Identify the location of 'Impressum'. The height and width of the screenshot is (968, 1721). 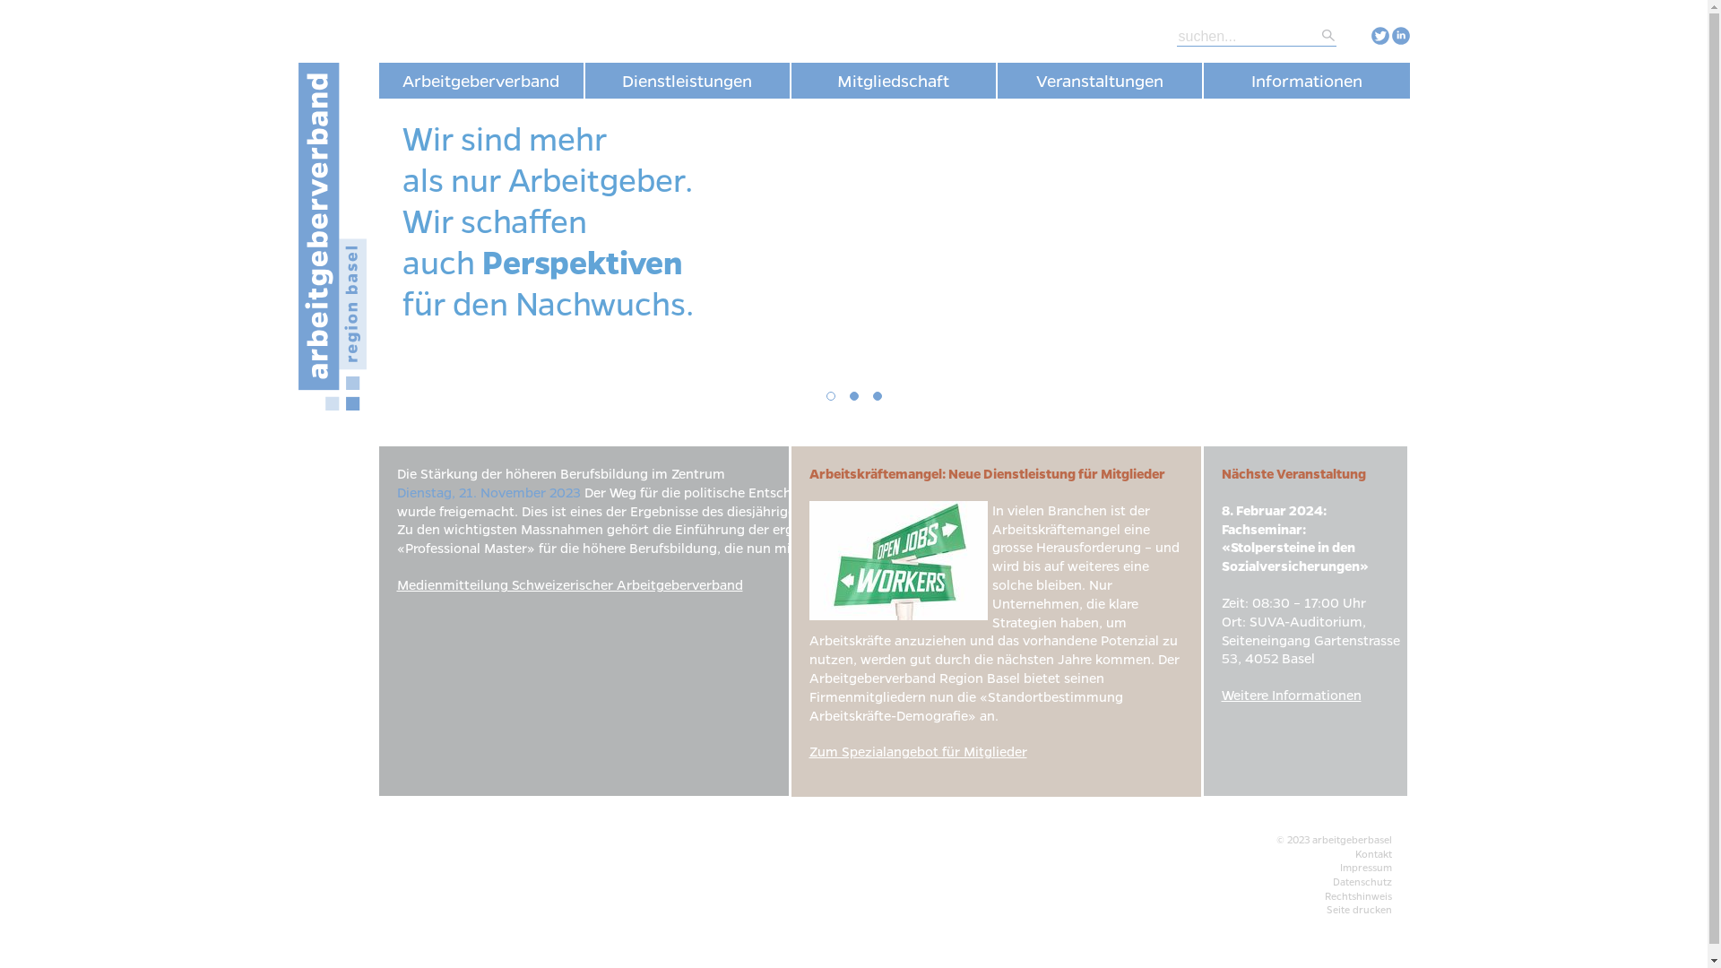
(1363, 866).